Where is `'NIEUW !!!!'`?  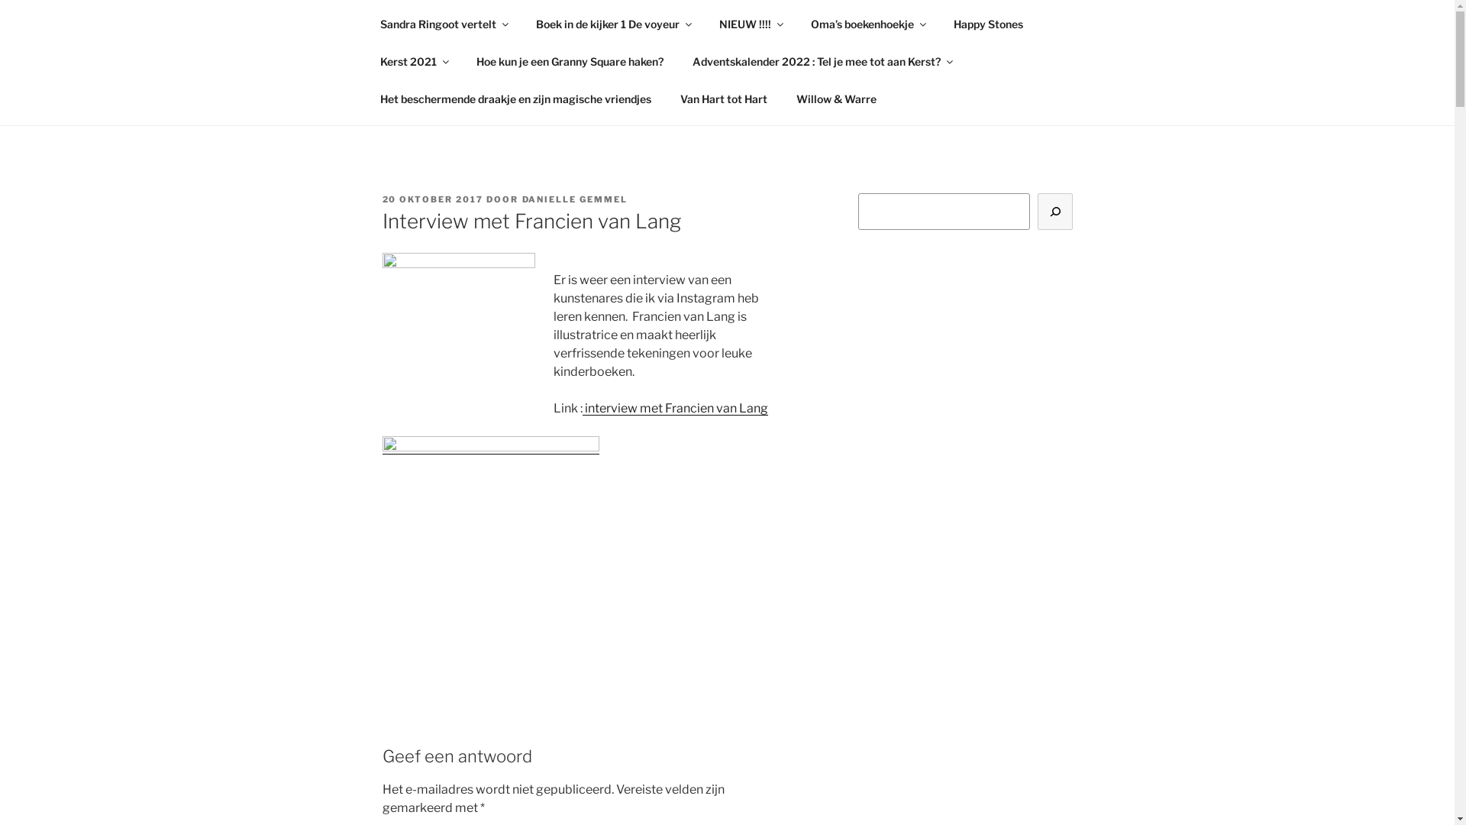
'NIEUW !!!!' is located at coordinates (705, 23).